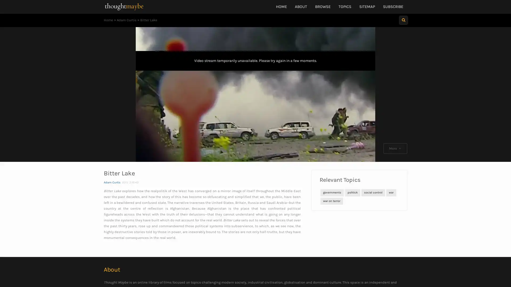 The width and height of the screenshot is (511, 287). What do you see at coordinates (360, 156) in the screenshot?
I see `Mute` at bounding box center [360, 156].